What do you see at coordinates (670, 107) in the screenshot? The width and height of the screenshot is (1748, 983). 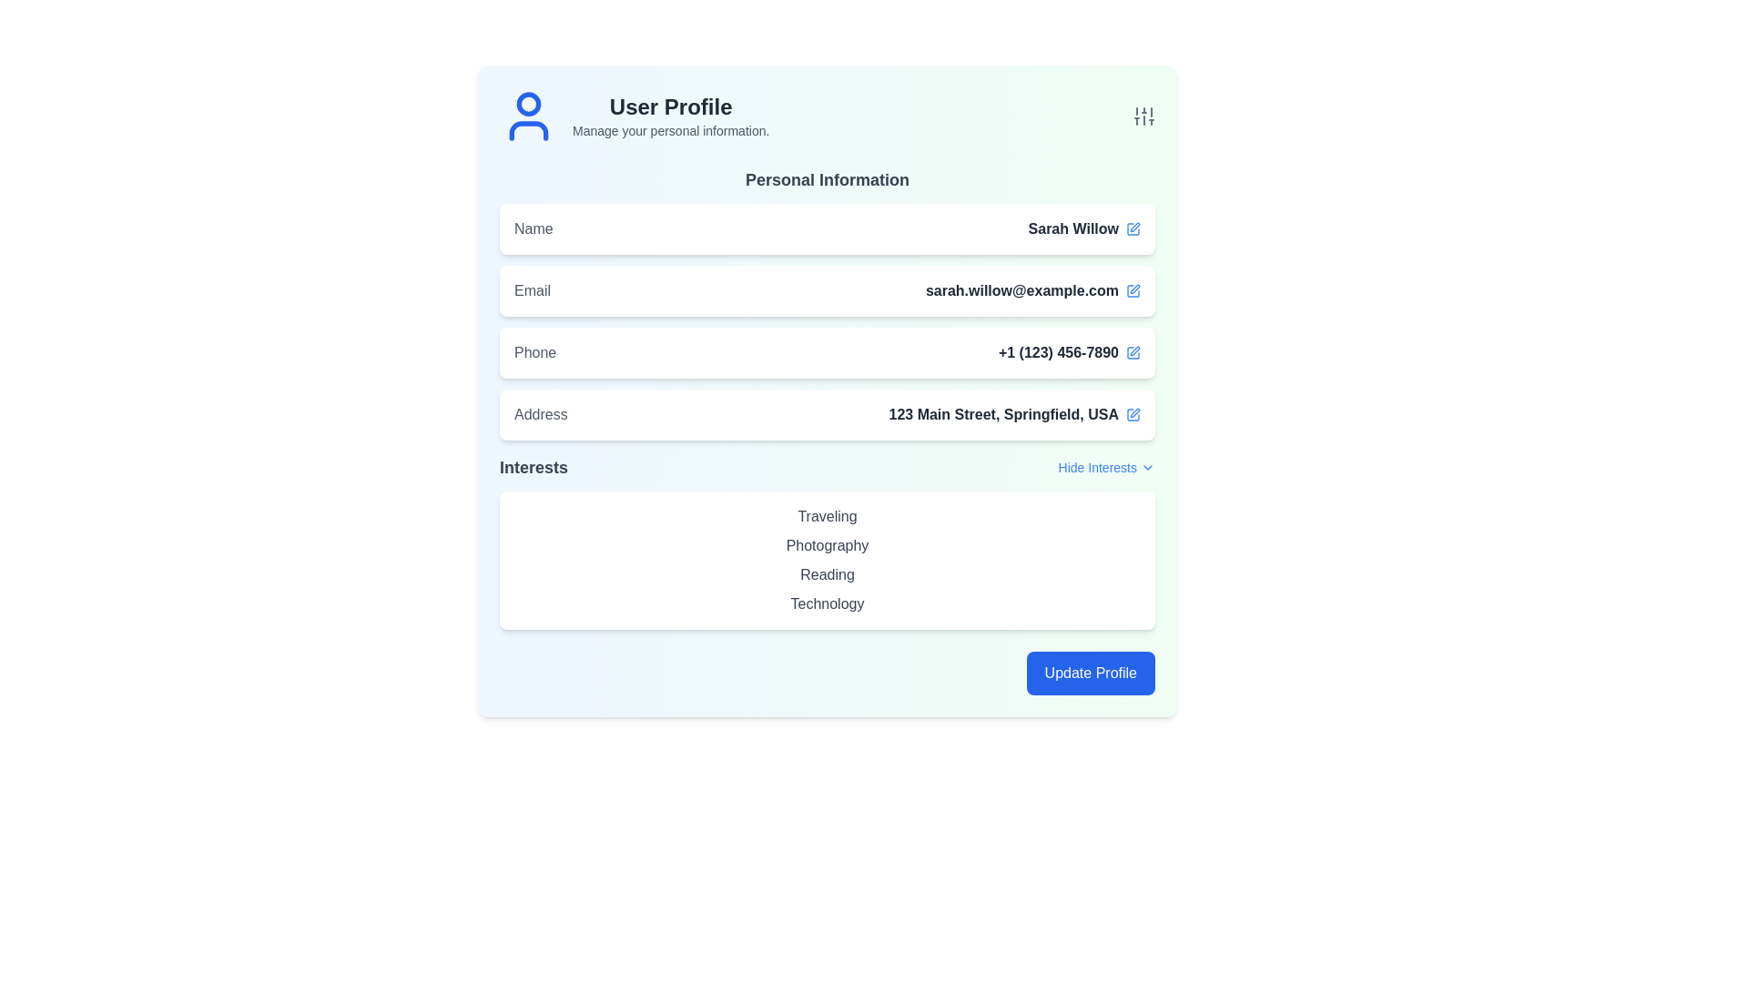 I see `the heading text that provides context for the section, located at the top-left of the interface, above the text 'Manage your personal information.'` at bounding box center [670, 107].